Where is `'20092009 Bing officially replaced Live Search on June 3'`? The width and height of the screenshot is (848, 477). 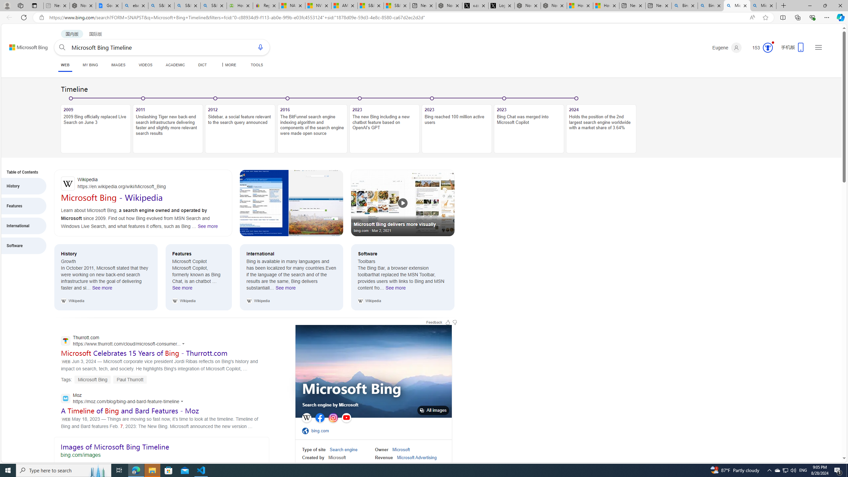 '20092009 Bing officially replaced Live Search on June 3' is located at coordinates (96, 125).